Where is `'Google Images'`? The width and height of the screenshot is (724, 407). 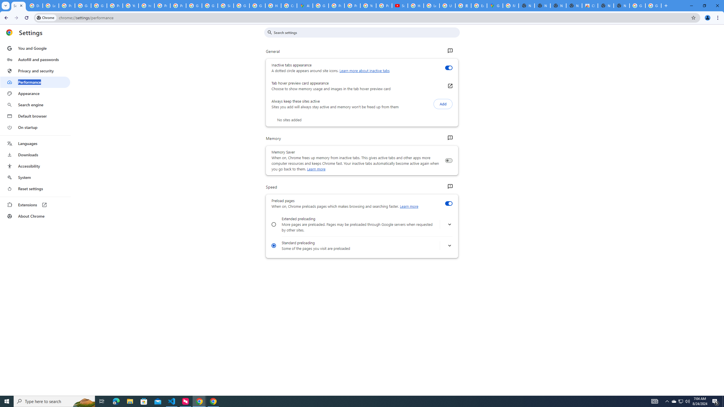
'Google Images' is located at coordinates (653, 5).